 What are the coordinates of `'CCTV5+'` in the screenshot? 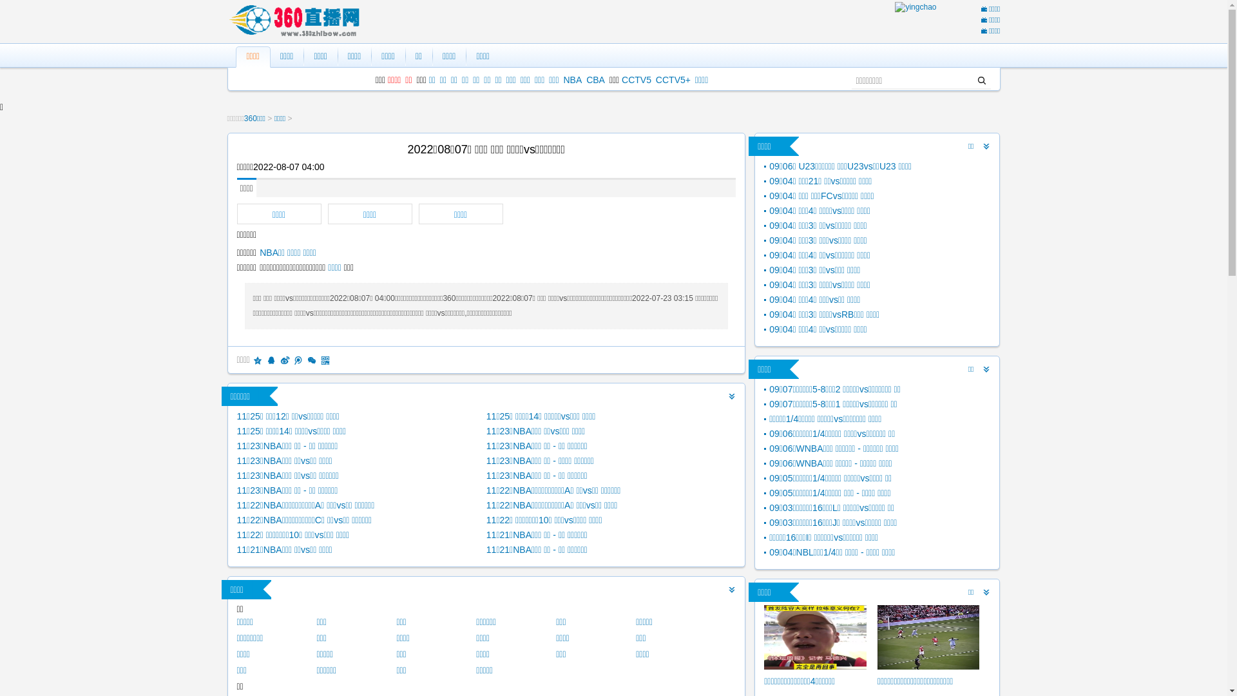 It's located at (673, 79).